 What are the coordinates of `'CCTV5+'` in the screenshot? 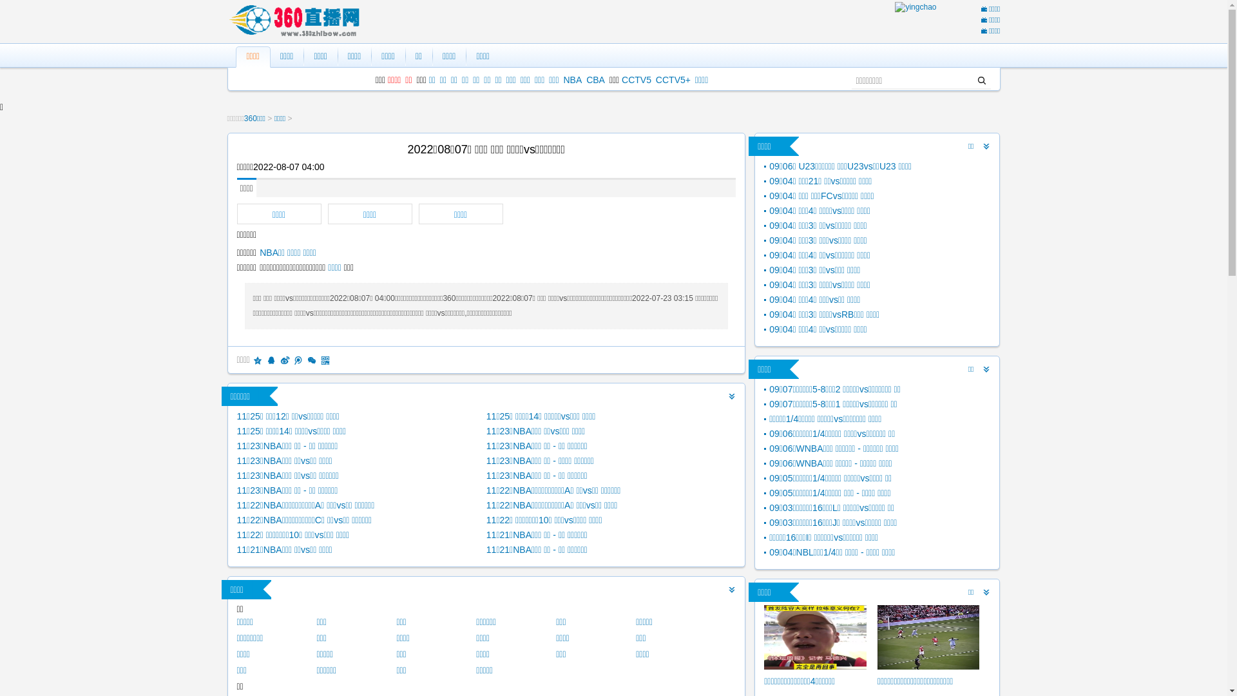 It's located at (673, 79).